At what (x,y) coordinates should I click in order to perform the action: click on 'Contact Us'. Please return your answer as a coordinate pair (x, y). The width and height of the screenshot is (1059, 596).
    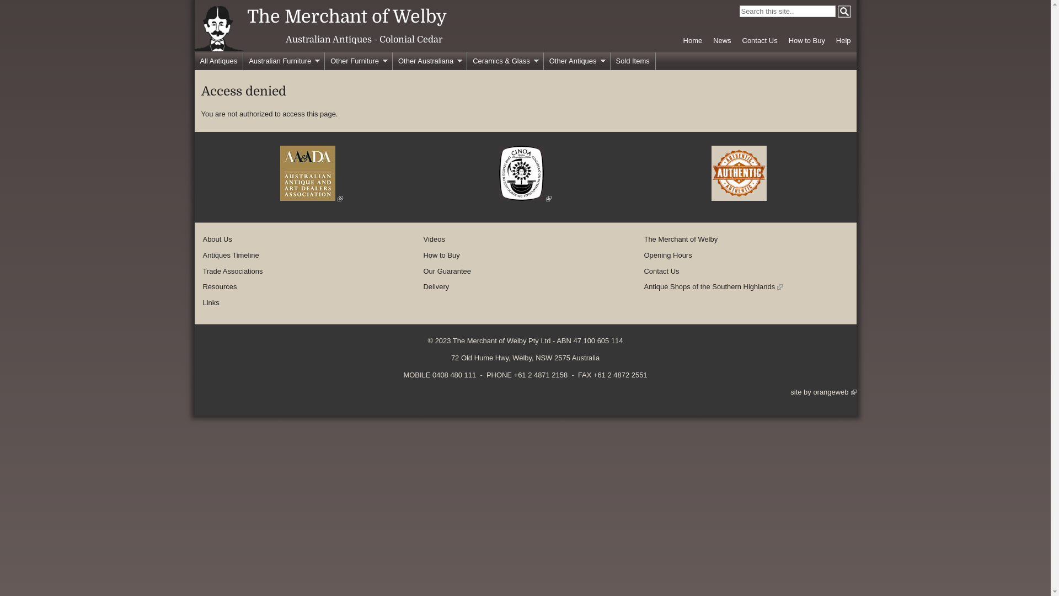
    Looking at the image, I should click on (736, 40).